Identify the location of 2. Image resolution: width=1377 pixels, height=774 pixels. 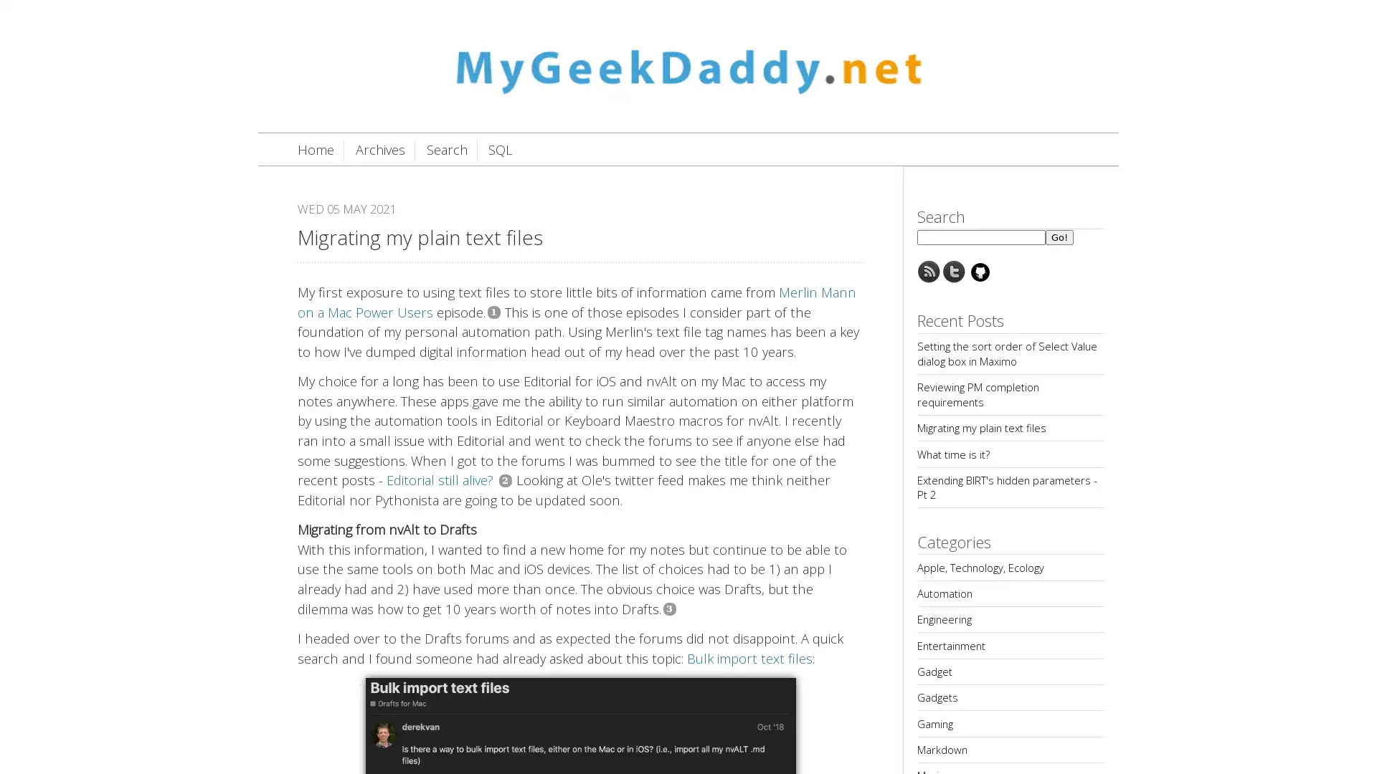
(505, 480).